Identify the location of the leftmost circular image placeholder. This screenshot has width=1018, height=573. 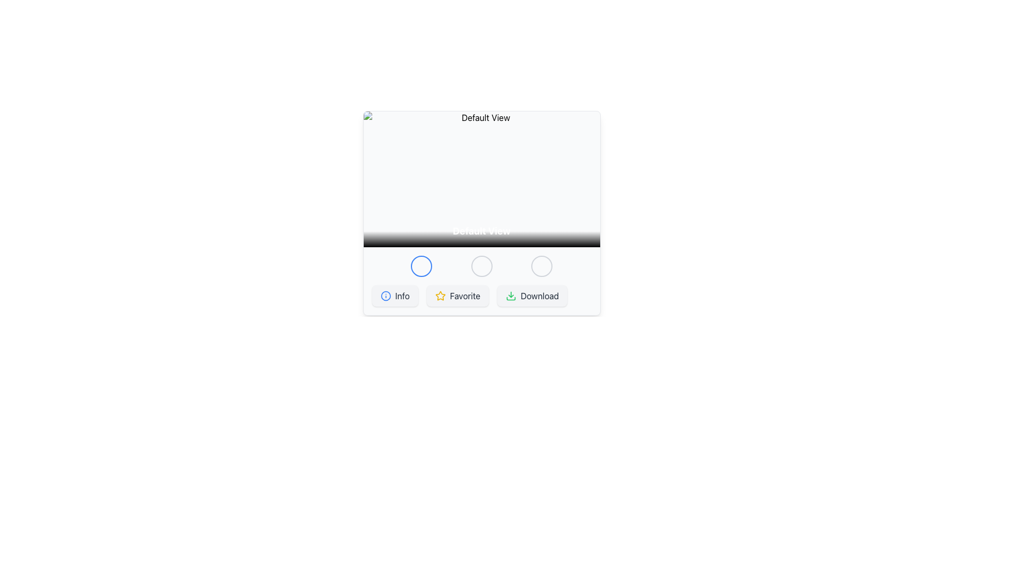
(421, 265).